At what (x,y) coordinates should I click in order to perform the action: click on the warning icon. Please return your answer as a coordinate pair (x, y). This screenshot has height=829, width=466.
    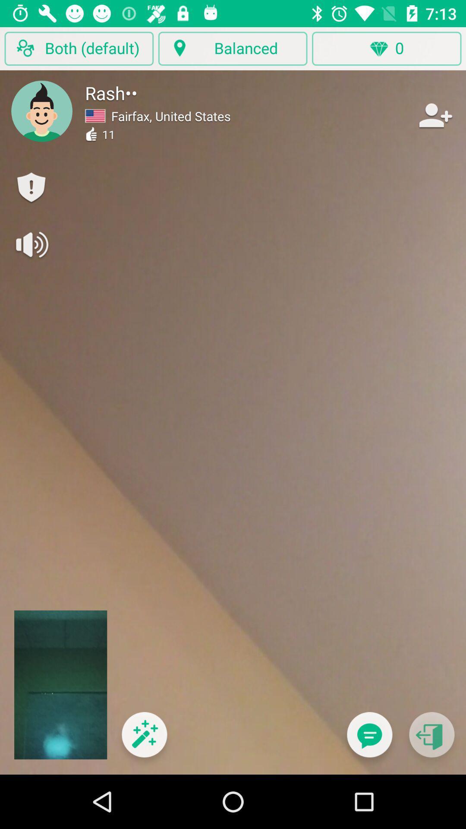
    Looking at the image, I should click on (31, 187).